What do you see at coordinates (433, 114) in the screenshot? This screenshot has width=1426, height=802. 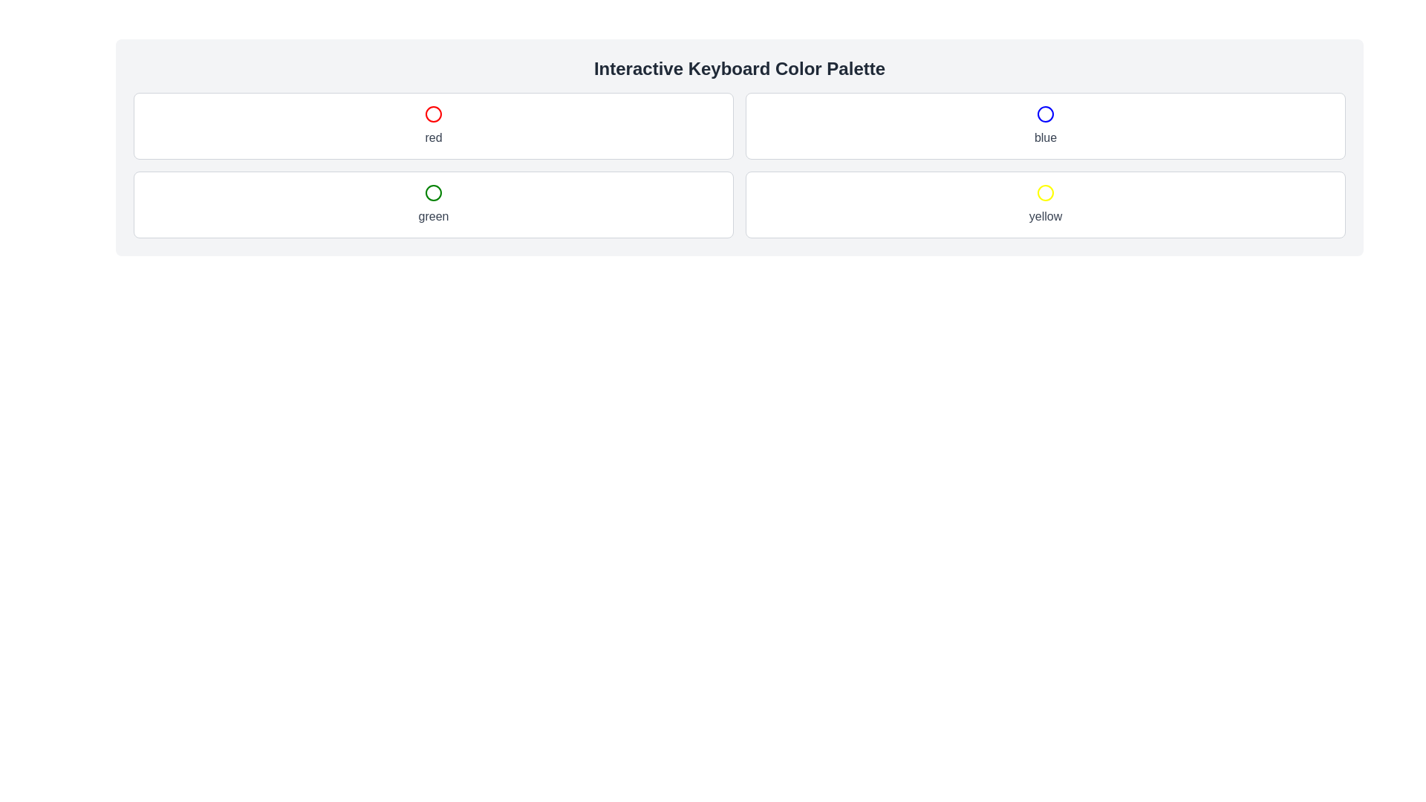 I see `the first red icon located in the top-left section of the grid interface` at bounding box center [433, 114].